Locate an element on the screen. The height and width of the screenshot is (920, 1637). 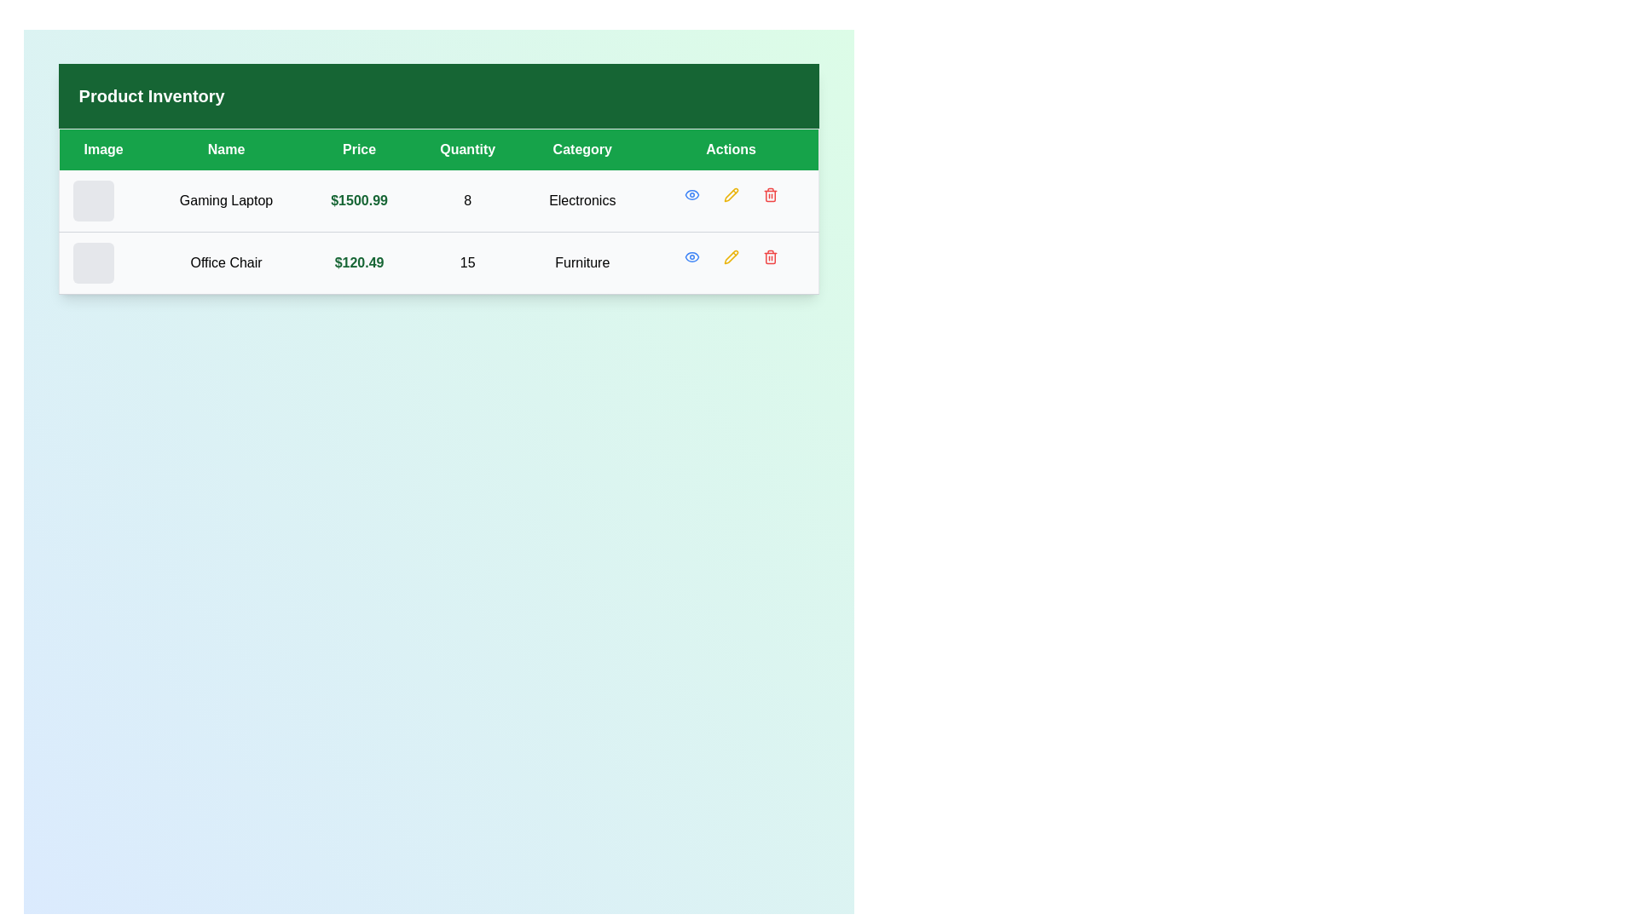
price text '$120.49' displayed in green and bold font in the 'Price' column of the second row for the 'Office Chair' product is located at coordinates (358, 262).